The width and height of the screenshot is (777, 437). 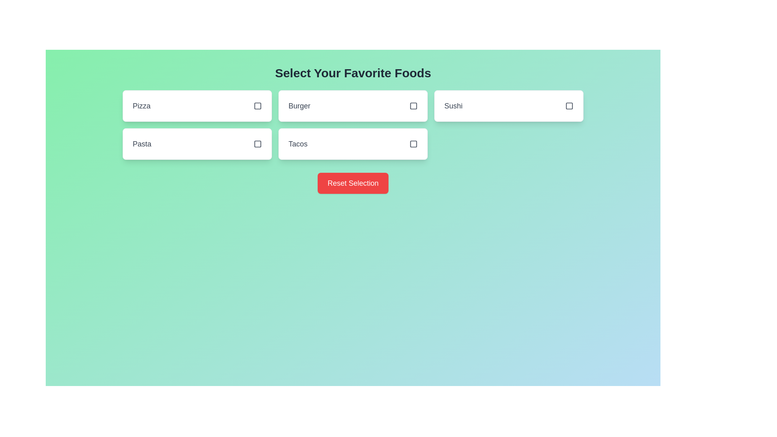 I want to click on the food item Sushi, so click(x=508, y=106).